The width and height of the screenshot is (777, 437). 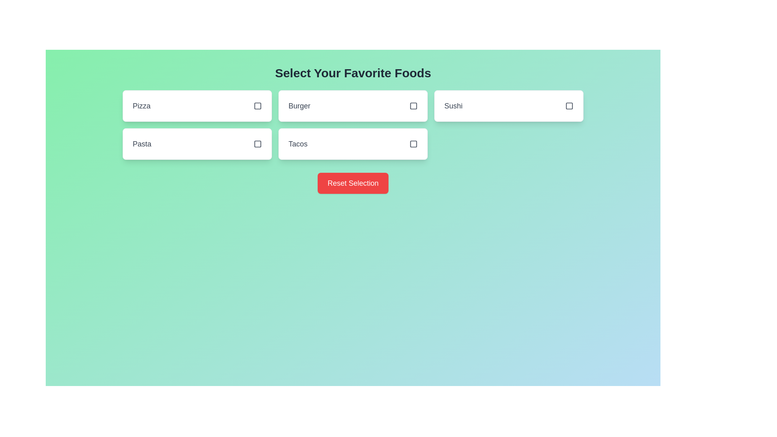 I want to click on the food item Sushi, so click(x=508, y=106).